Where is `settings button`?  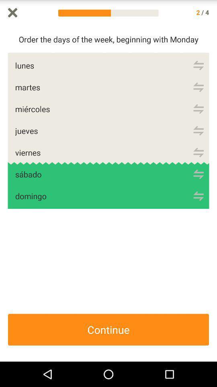 settings button is located at coordinates (198, 152).